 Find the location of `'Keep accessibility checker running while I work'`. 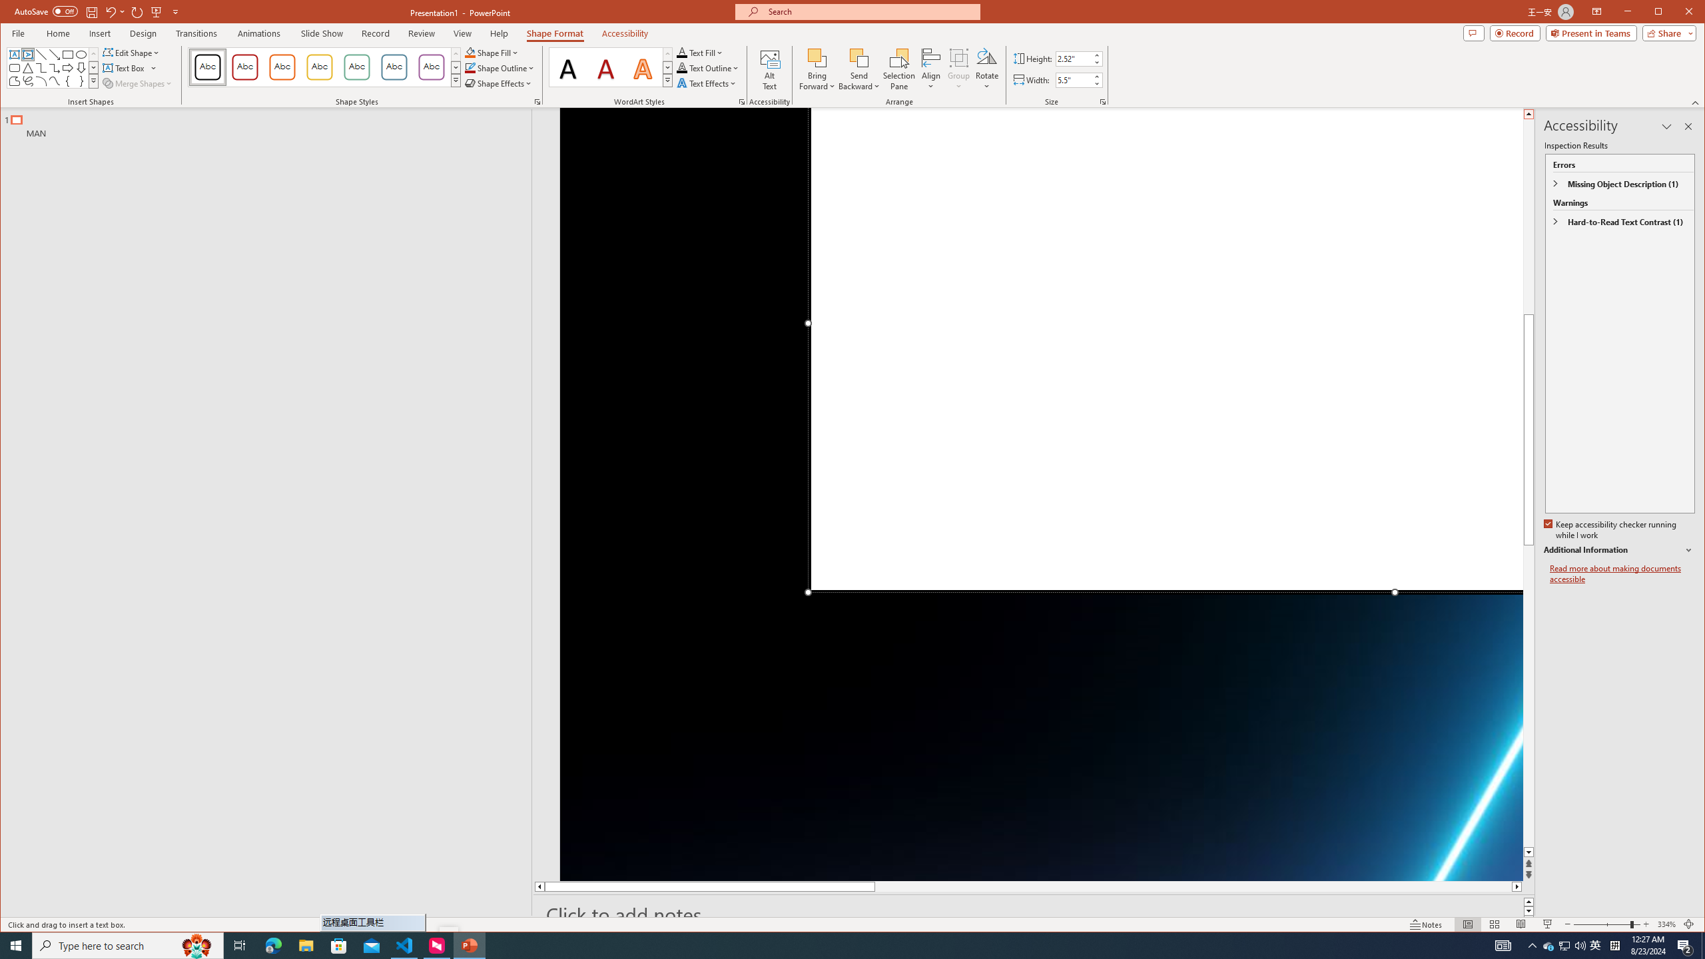

'Keep accessibility checker running while I work' is located at coordinates (1610, 530).